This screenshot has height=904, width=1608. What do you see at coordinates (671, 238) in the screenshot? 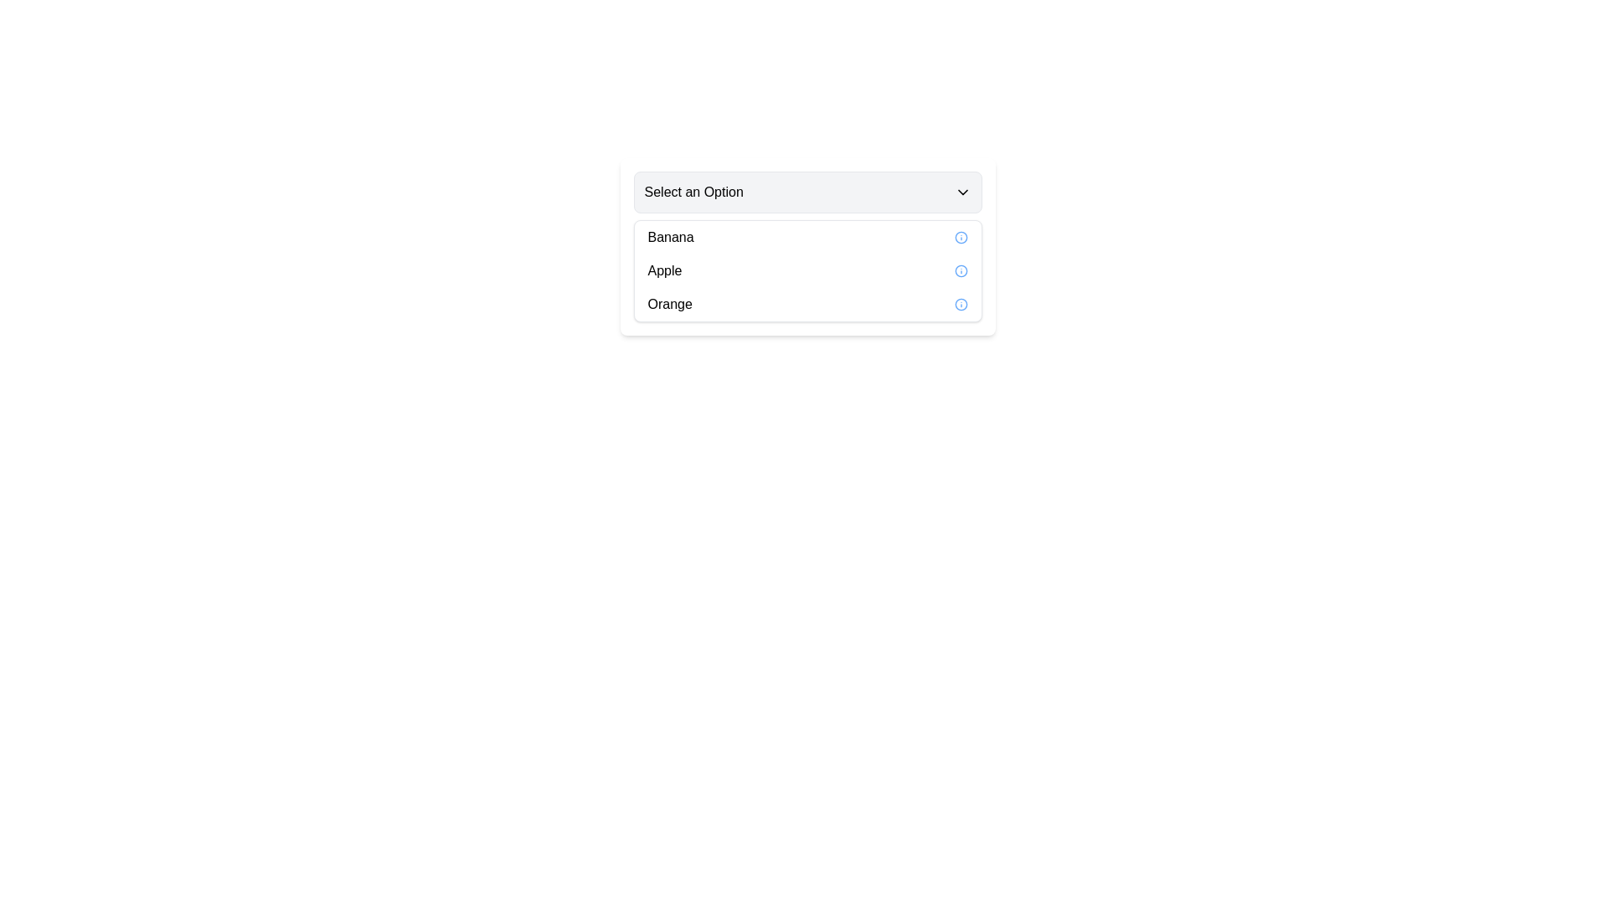
I see `the first item in the dropdown menu, which is a Text label that allows selection of an option` at bounding box center [671, 238].